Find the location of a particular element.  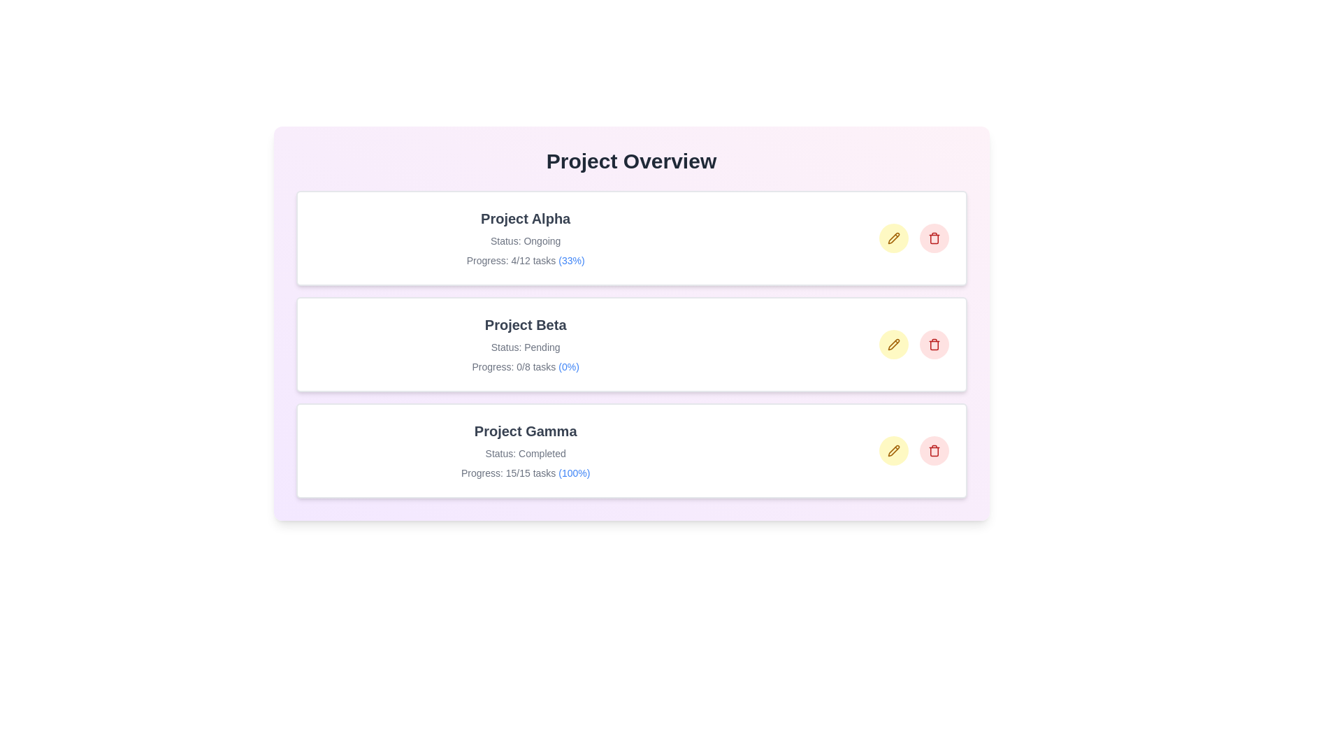

edit icon for the project identified by Project Alpha is located at coordinates (893, 237).